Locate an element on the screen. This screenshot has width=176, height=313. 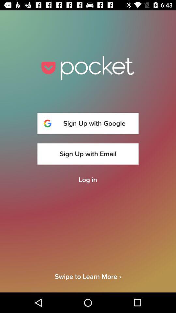
the item above swipe to learn icon is located at coordinates (88, 180).